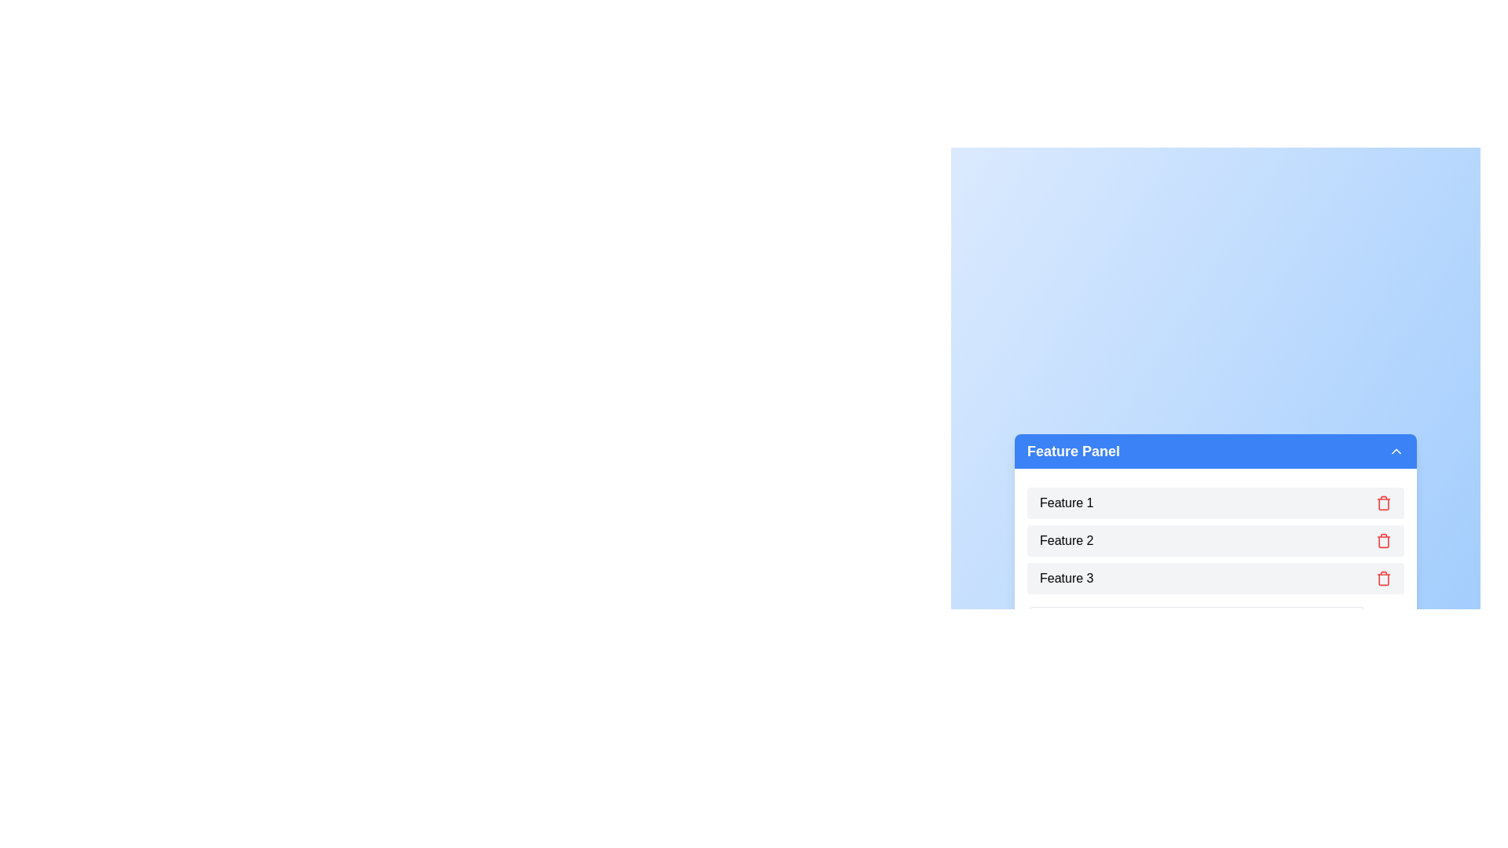  I want to click on the 'Feature 2' text label, which is the second item in the vertical list under the 'Feature Panel' header, displayed in a light gray box, so click(1067, 540).